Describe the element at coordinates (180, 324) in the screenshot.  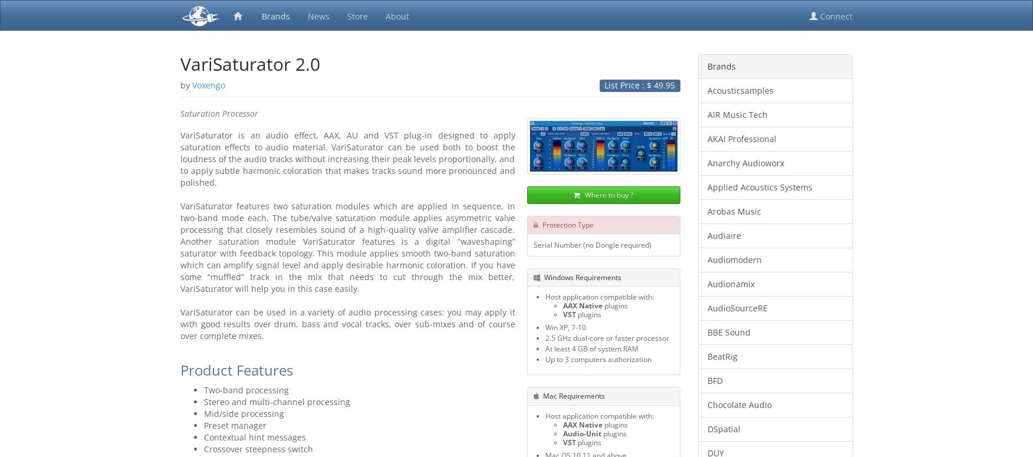
I see `'VariSaturator can be used in a variety of audio processing cases: you may apply it with good results over drum, bass and vocal tracks, over sub-mixes and of course over complete mixes.'` at that location.